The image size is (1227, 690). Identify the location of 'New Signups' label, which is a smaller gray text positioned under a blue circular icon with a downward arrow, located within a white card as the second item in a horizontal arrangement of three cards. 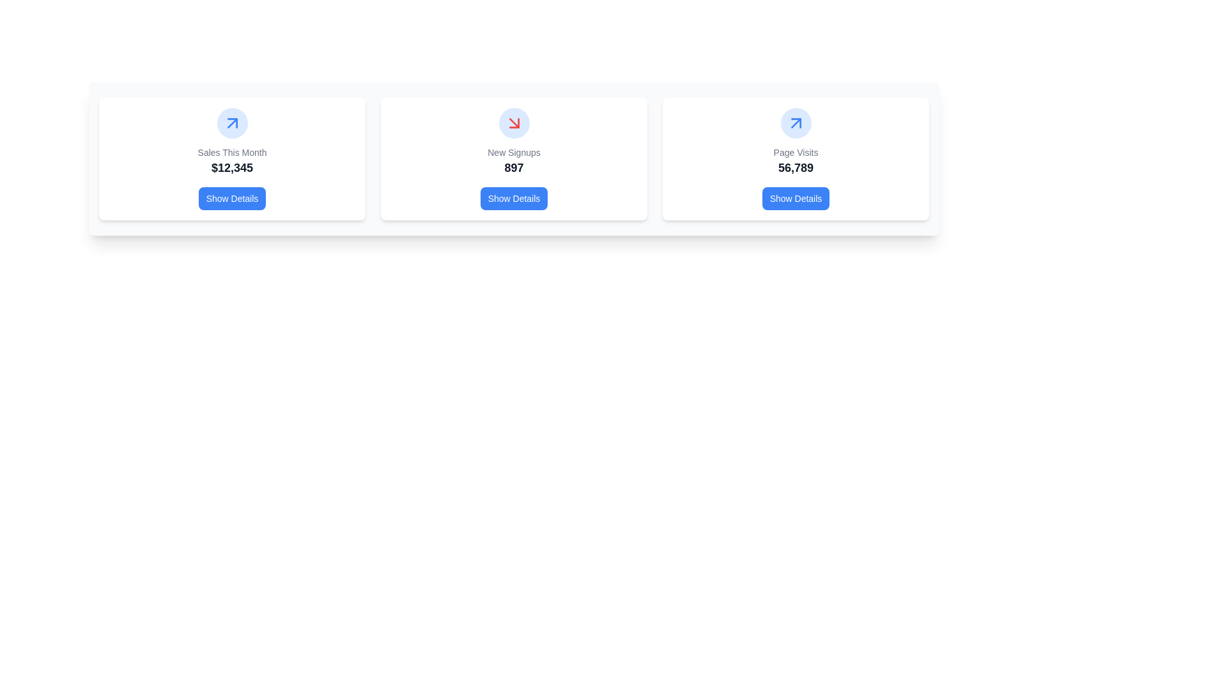
(514, 152).